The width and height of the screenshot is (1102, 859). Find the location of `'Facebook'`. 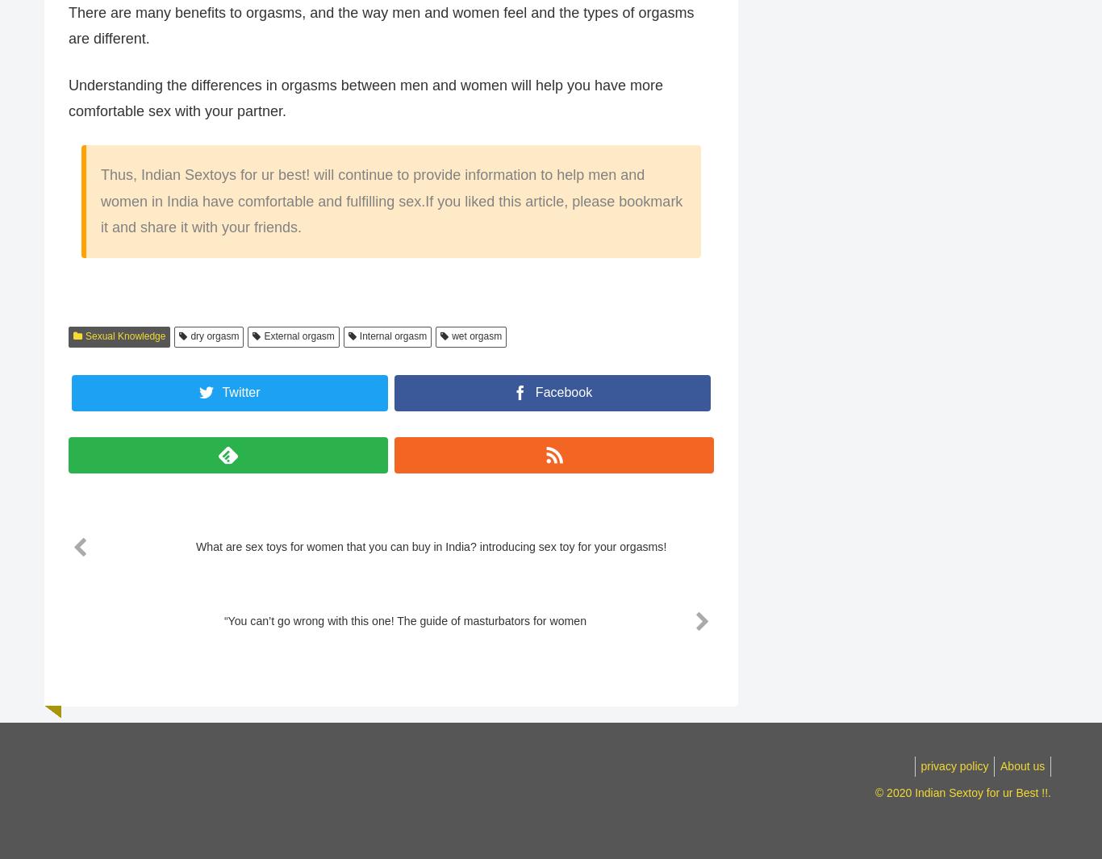

'Facebook' is located at coordinates (563, 392).